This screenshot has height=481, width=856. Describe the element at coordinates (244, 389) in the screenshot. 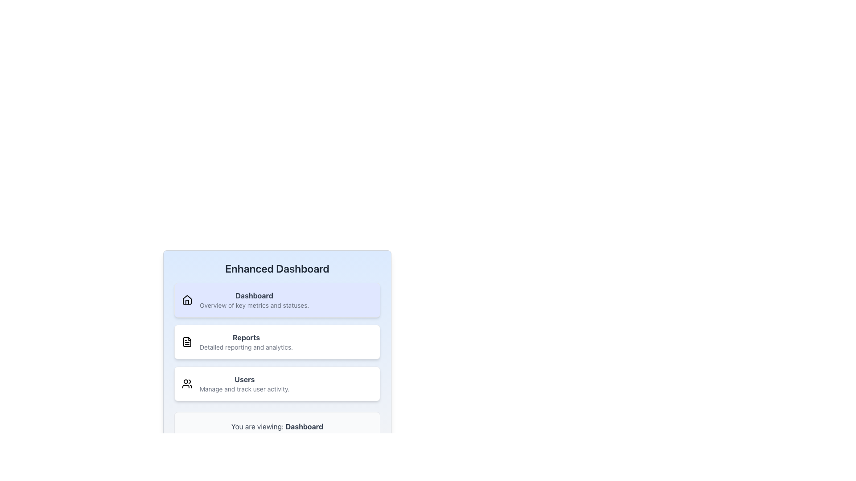

I see `small grey text that reads 'Manage and track user activity.' positioned below the bold 'Users' title in the navigation interface` at that location.